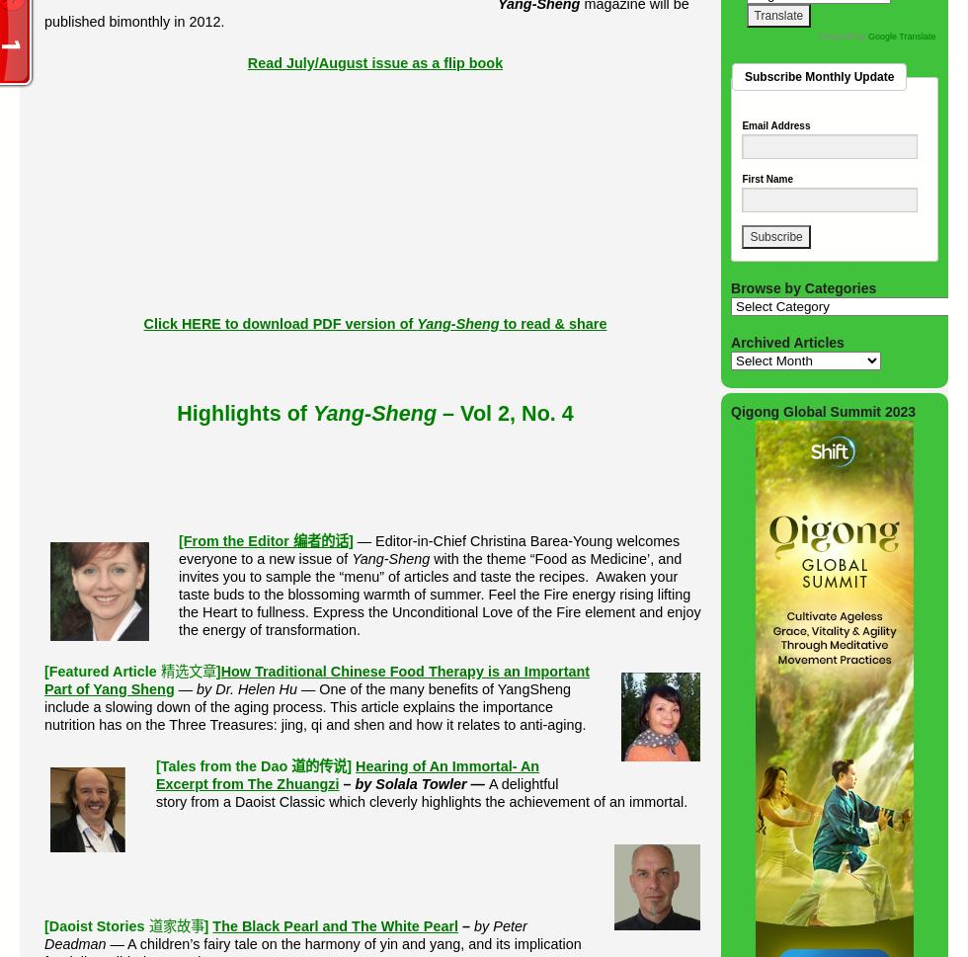 This screenshot has height=957, width=968. I want to click on 'Email Address', so click(775, 125).